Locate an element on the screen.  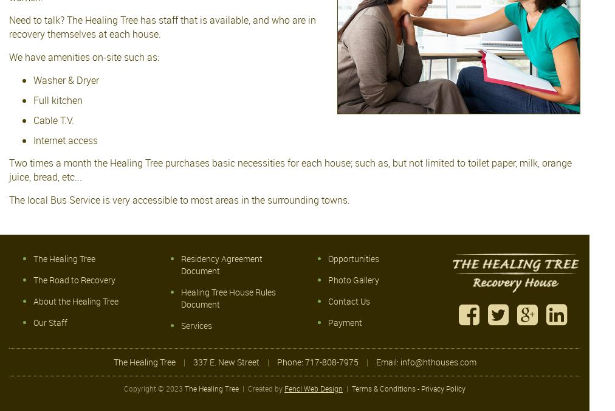
'Healing Tree House Rules Document' is located at coordinates (227, 297).